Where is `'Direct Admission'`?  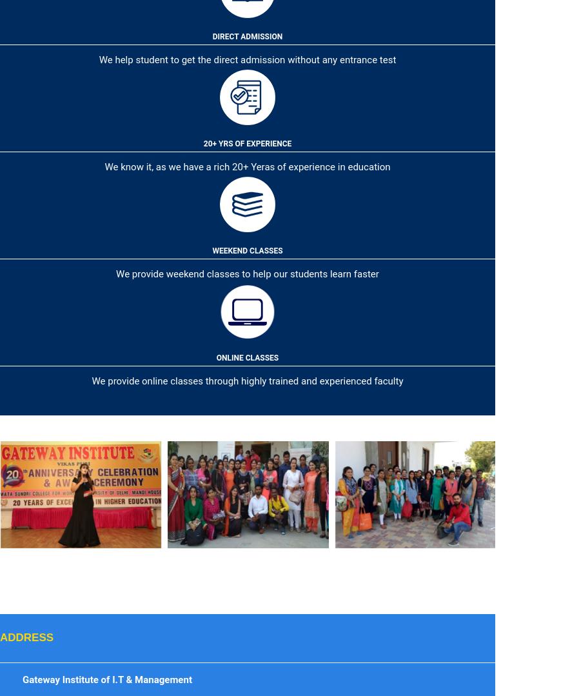 'Direct Admission' is located at coordinates (247, 35).